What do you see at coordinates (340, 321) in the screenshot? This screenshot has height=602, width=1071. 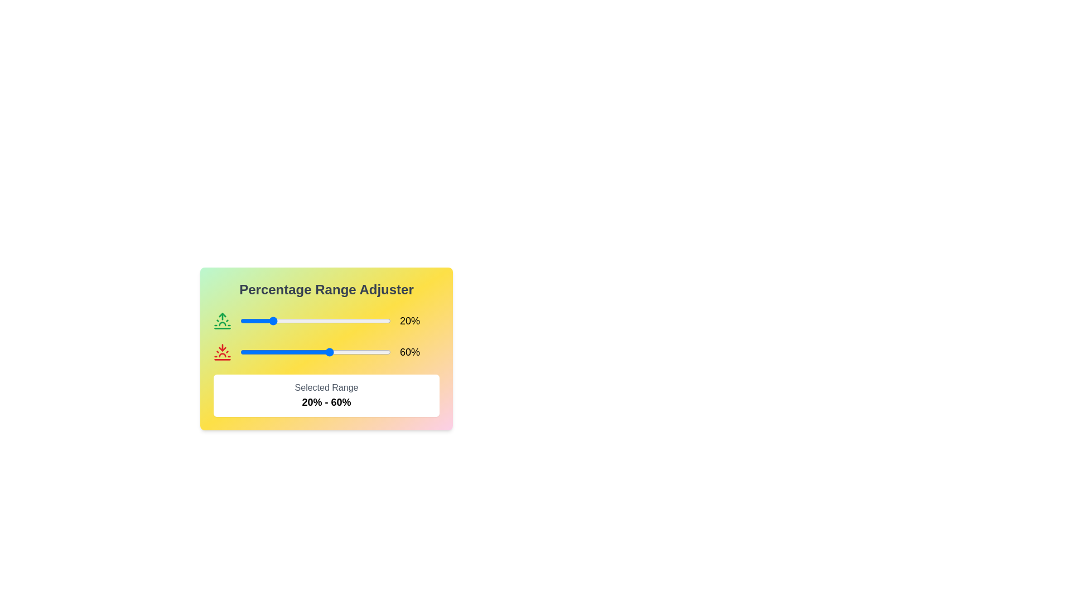 I see `the slider` at bounding box center [340, 321].